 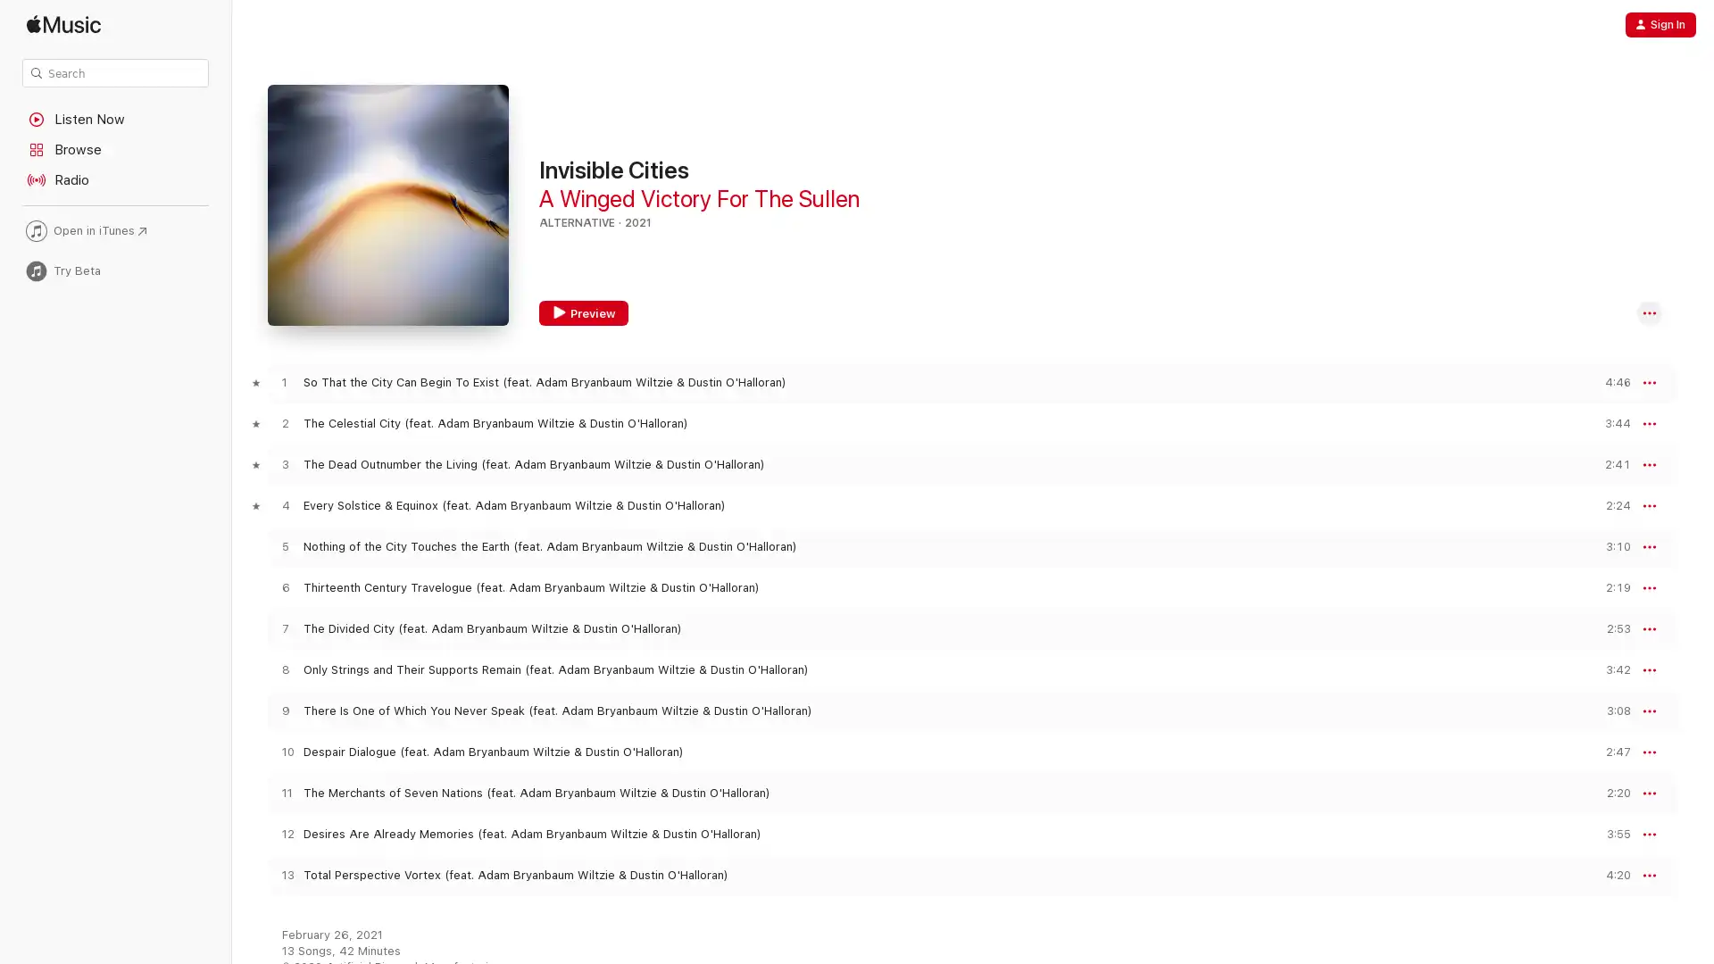 What do you see at coordinates (1610, 587) in the screenshot?
I see `Preview` at bounding box center [1610, 587].